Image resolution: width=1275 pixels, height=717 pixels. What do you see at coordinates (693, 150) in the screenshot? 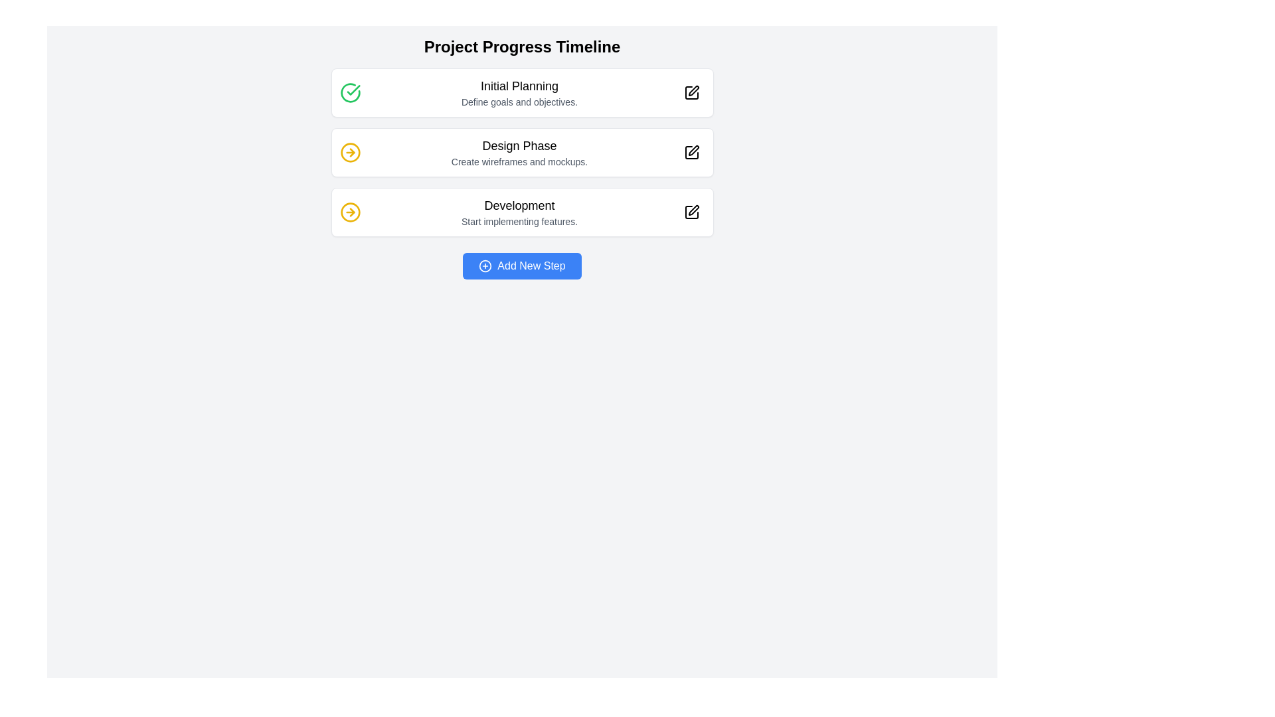
I see `the pen icon in the 'Design Phase' section` at bounding box center [693, 150].